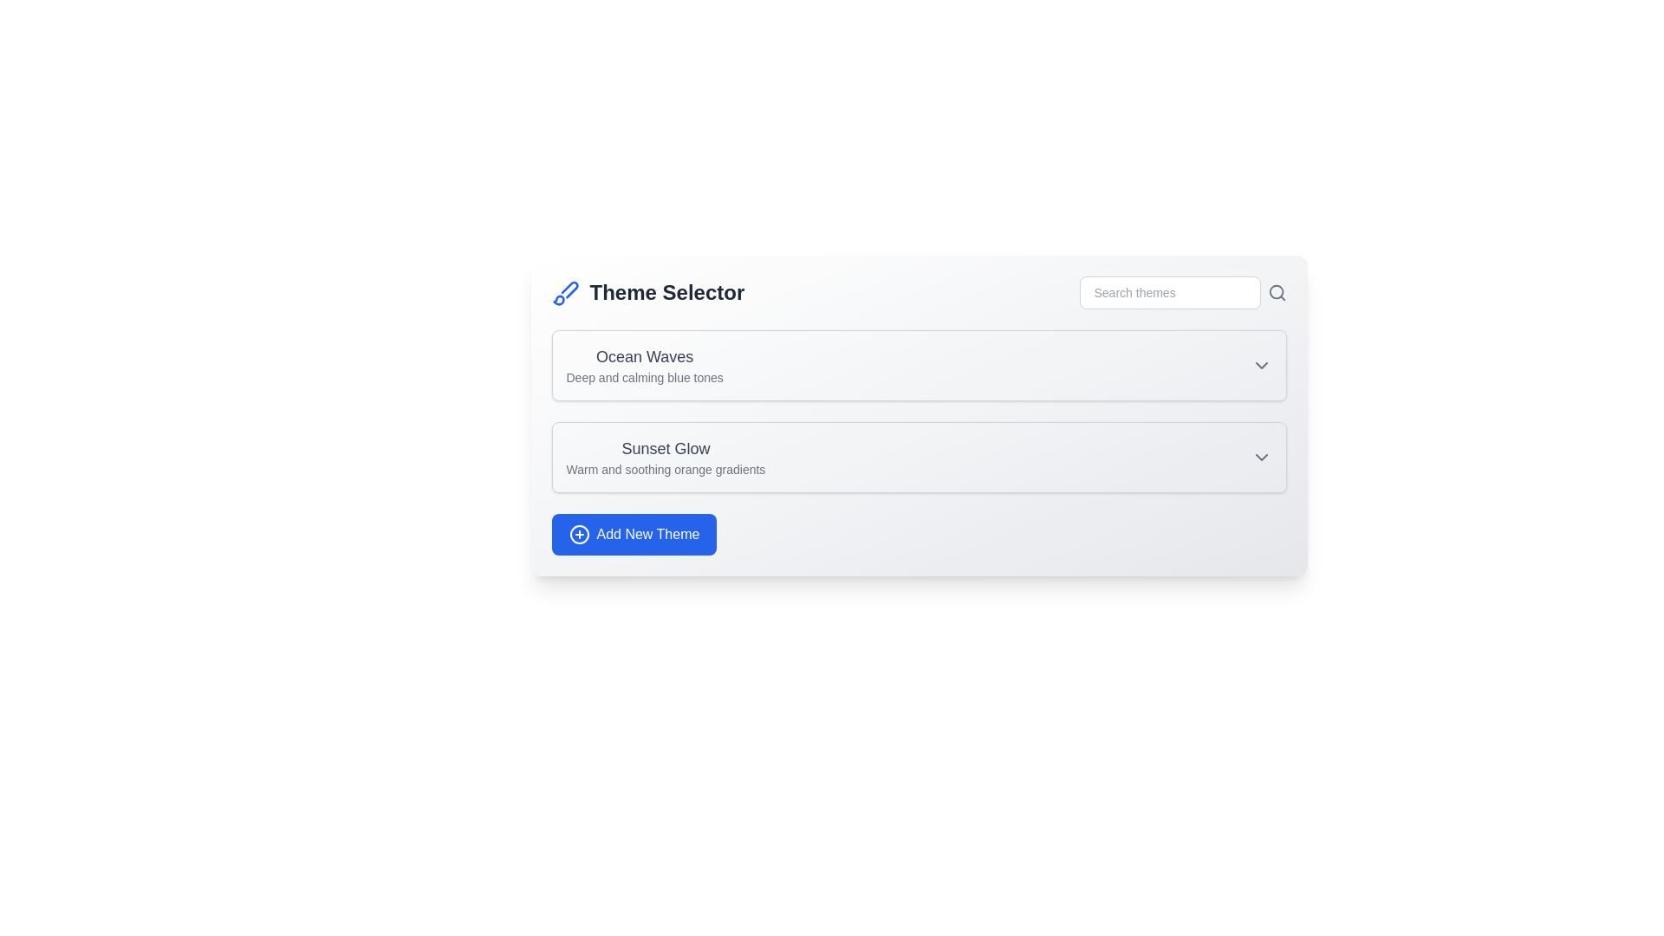 The image size is (1664, 936). What do you see at coordinates (918, 415) in the screenshot?
I see `the 'Theme Selector' panel to trigger interactive effects, which includes options for 'Ocean Waves' and 'Sunset Glow', and the 'Add New Theme' button located at the bottom` at bounding box center [918, 415].